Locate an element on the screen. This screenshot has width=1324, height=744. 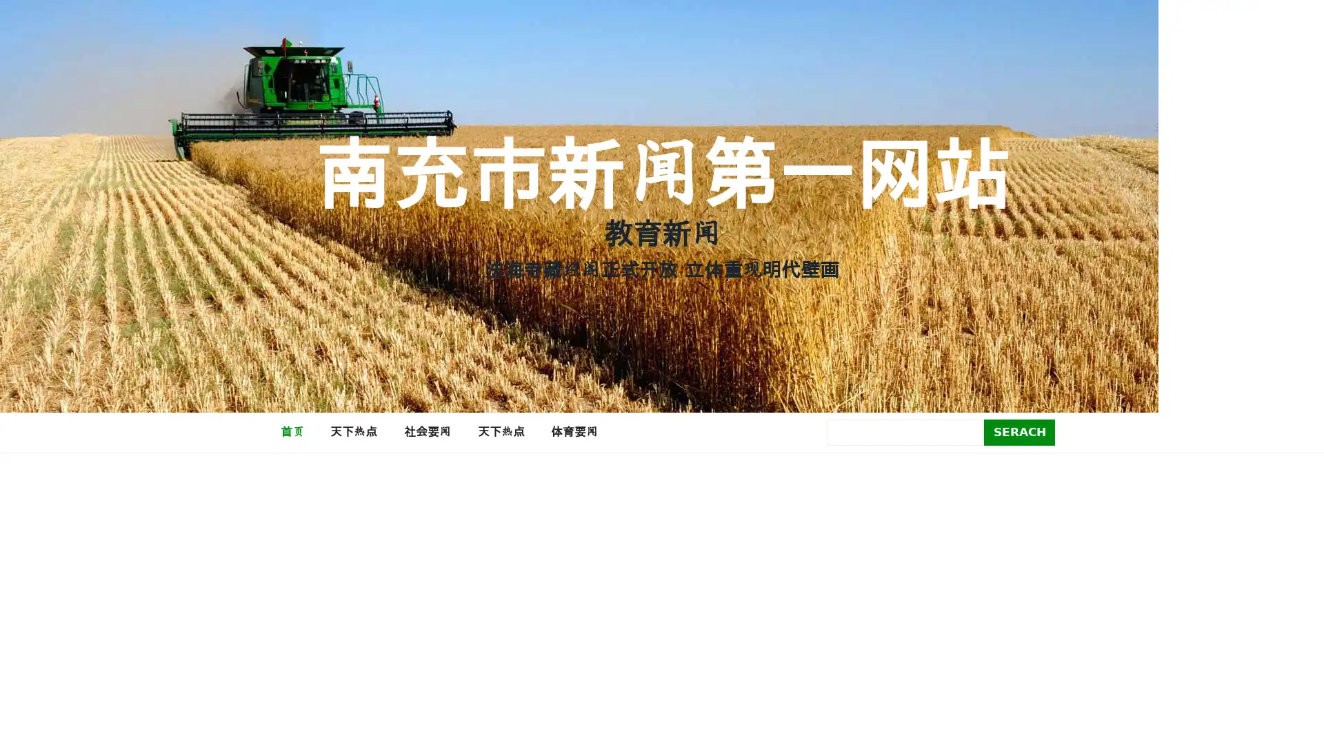
serach is located at coordinates (1019, 431).